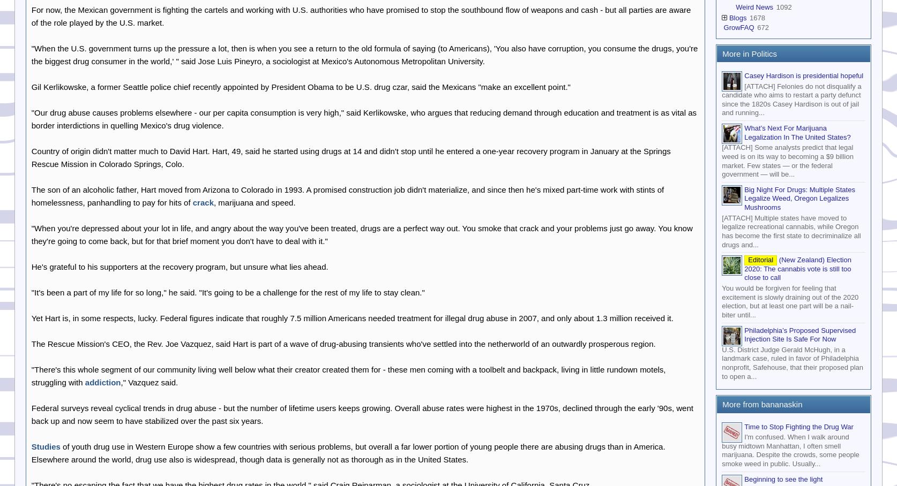  Describe the element at coordinates (347, 195) in the screenshot. I see `'The son of an alcoholic father, Hart moved from Arizona to Colorado in 1993. A promised construction job didn't materialize, and since then he's mixed part-time work with stints of homelessness, panhandling to pay for hits of'` at that location.